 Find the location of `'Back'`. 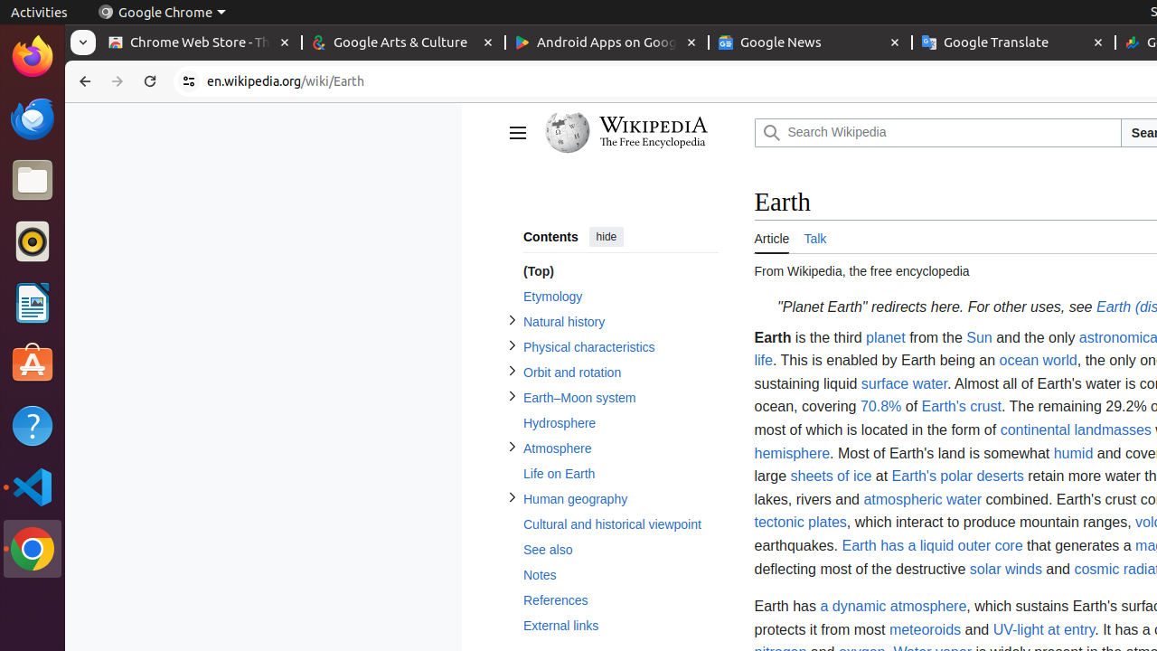

'Back' is located at coordinates (81, 81).